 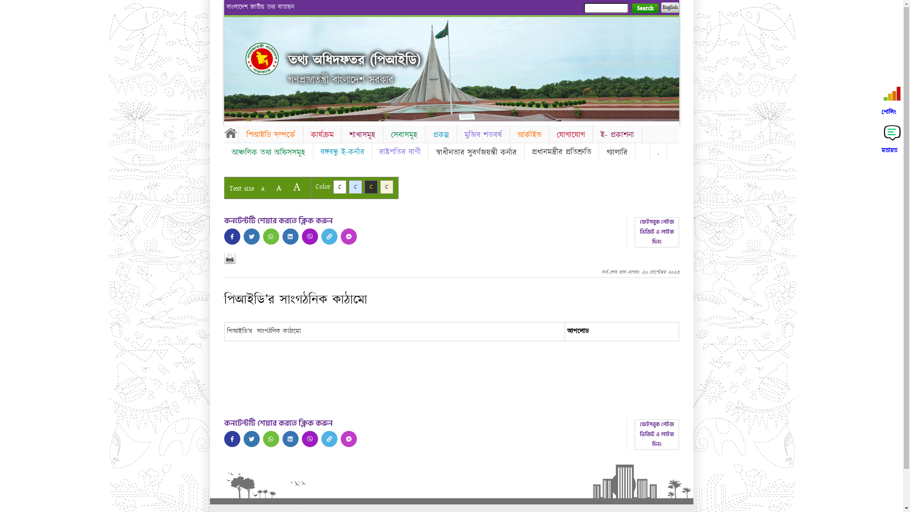 I want to click on 'Home', so click(x=262, y=58).